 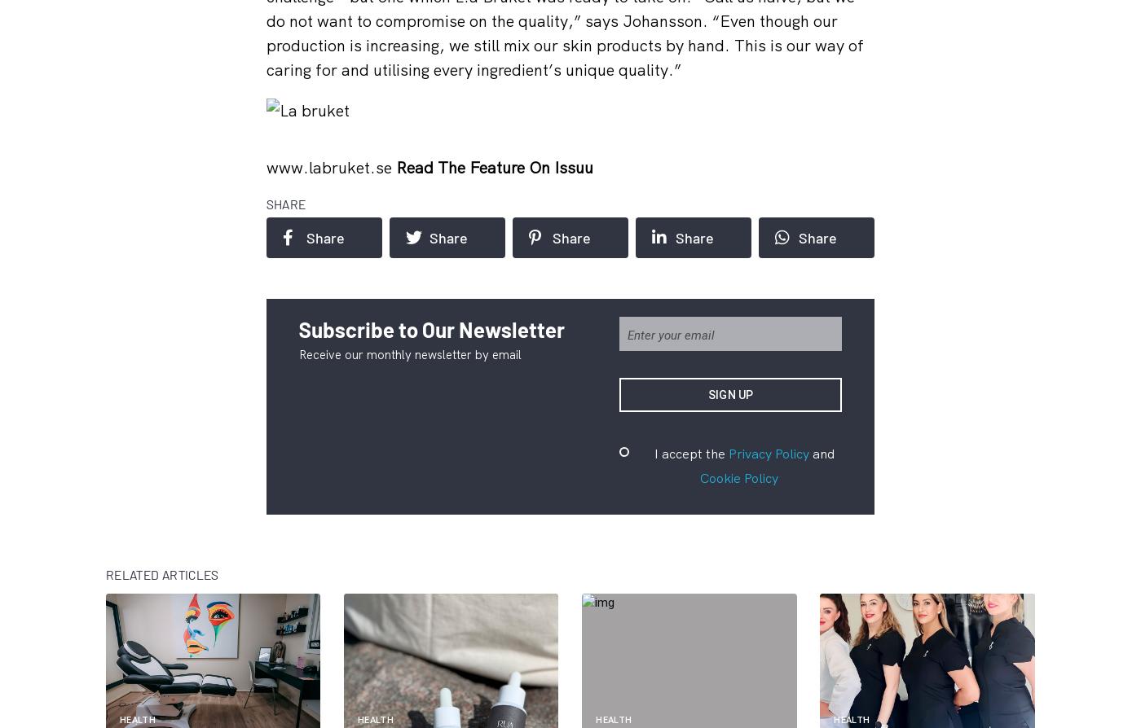 What do you see at coordinates (394, 167) in the screenshot?
I see `'Read the feature on issuu'` at bounding box center [394, 167].